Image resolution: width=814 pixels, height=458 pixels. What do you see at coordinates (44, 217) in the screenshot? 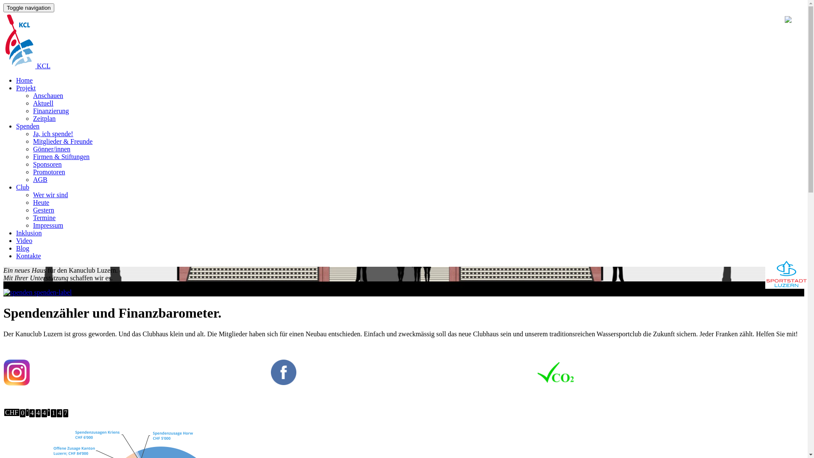
I see `'Termine'` at bounding box center [44, 217].